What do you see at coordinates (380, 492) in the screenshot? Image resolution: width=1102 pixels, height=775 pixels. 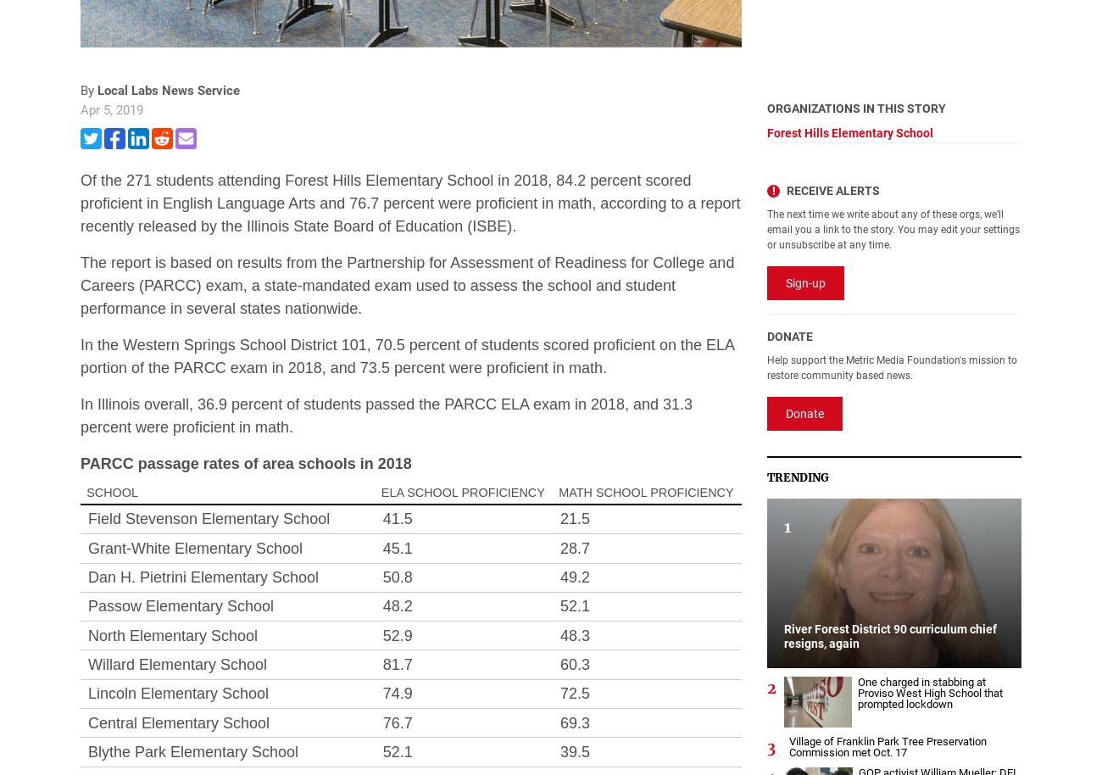 I see `'ELA School Proficiency'` at bounding box center [380, 492].